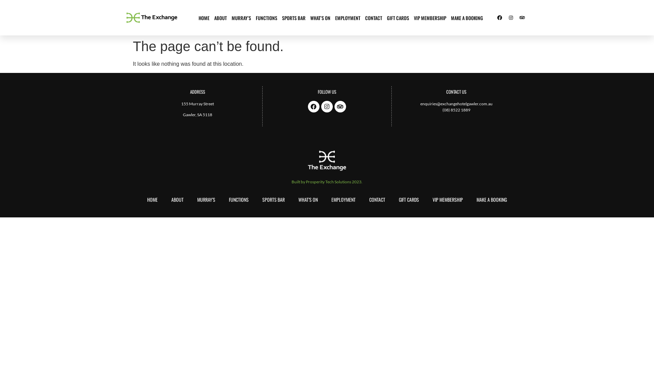  What do you see at coordinates (327, 181) in the screenshot?
I see `'Built by Prosperity Tech Solutions 2023.'` at bounding box center [327, 181].